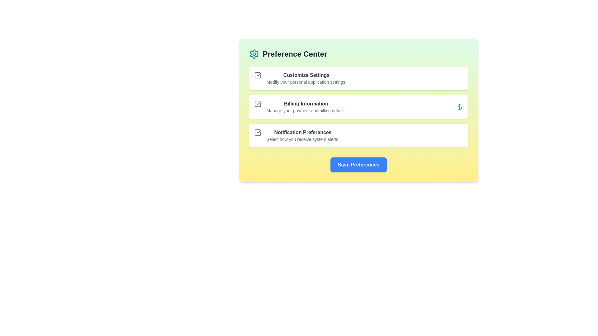  I want to click on the Checkbox icon indicating the selected status of the 'Billing Information' option in the Preference Center interface, so click(258, 104).